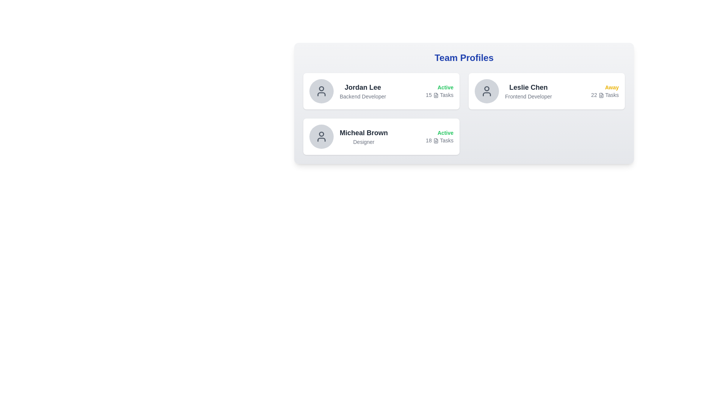  What do you see at coordinates (436, 141) in the screenshot?
I see `the icon indicating the type of content associated with Micheal Brown's task count, which is located to the right of the text '18 Tasks' in the 'Team Profiles' section` at bounding box center [436, 141].